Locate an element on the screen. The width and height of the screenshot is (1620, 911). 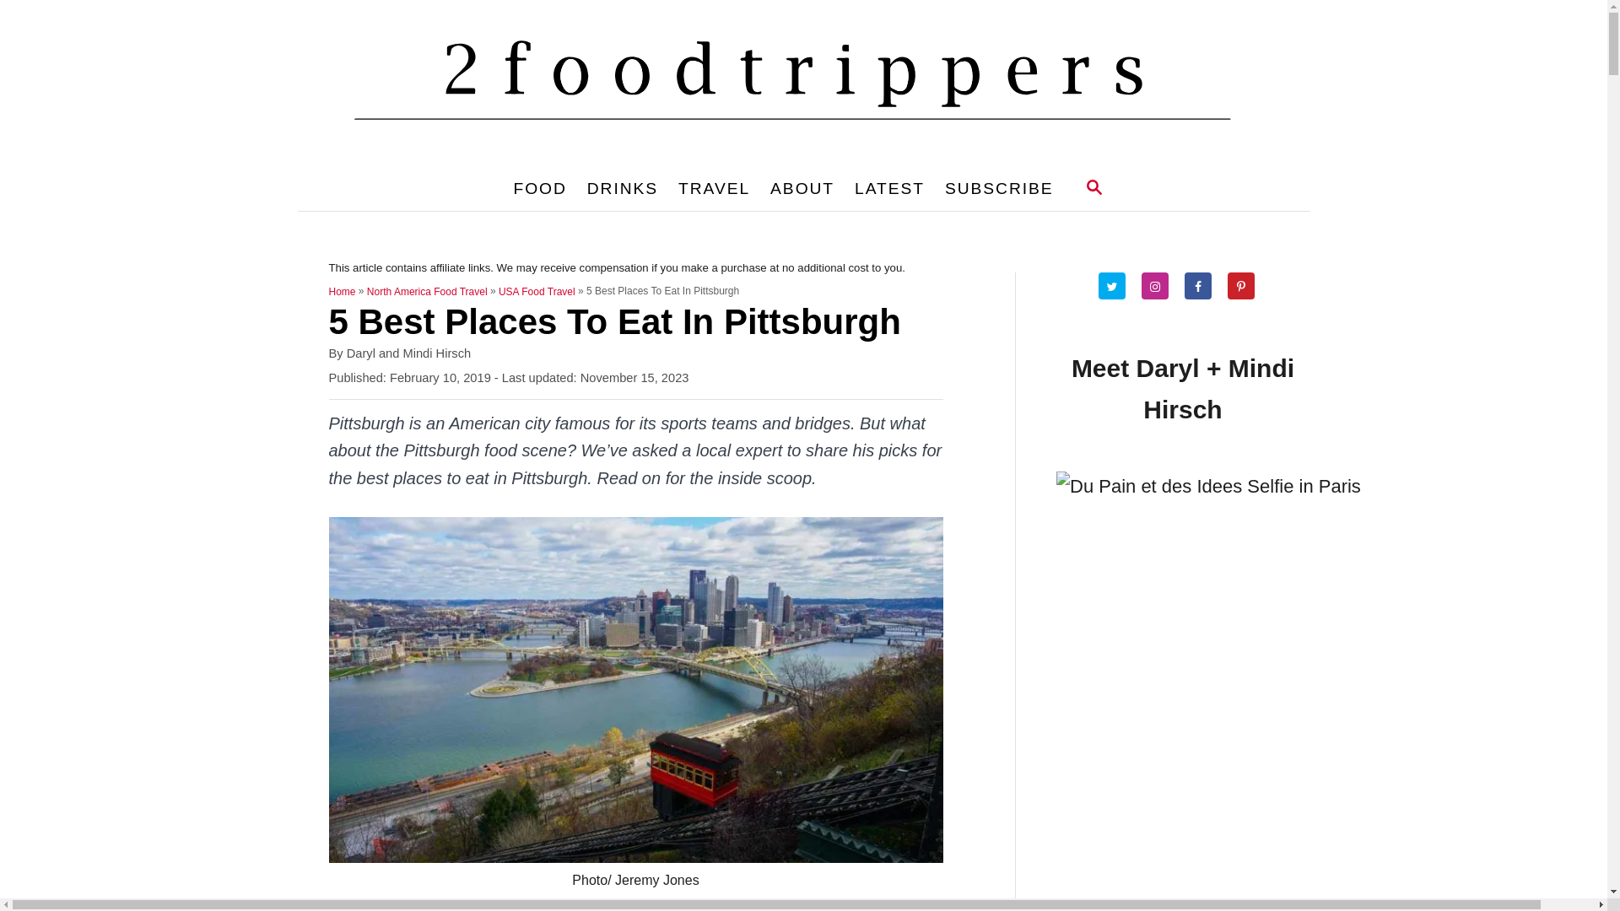
'Follow on Twitter' is located at coordinates (1118, 285).